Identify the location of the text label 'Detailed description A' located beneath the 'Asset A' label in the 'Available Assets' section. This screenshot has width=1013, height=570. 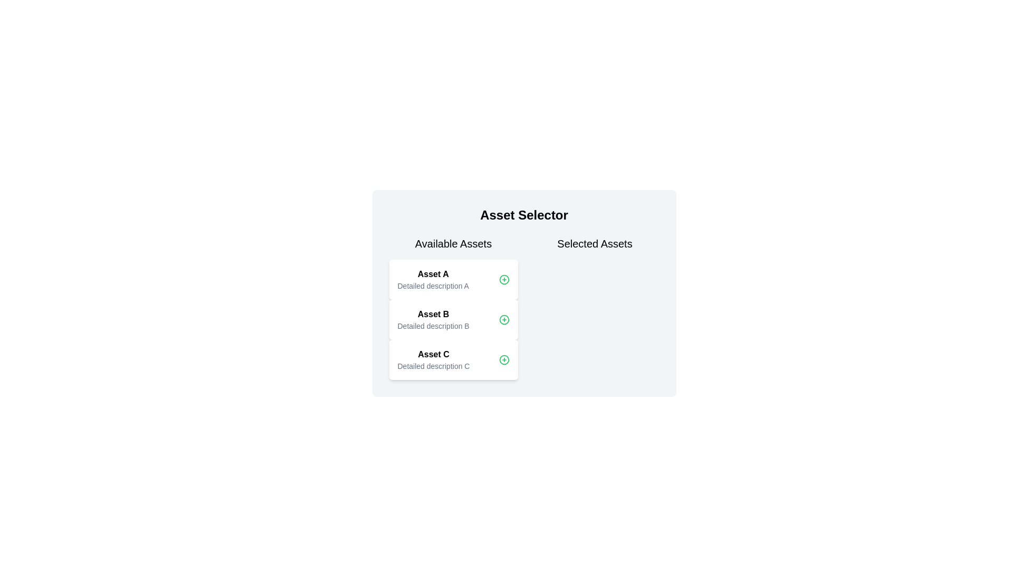
(433, 286).